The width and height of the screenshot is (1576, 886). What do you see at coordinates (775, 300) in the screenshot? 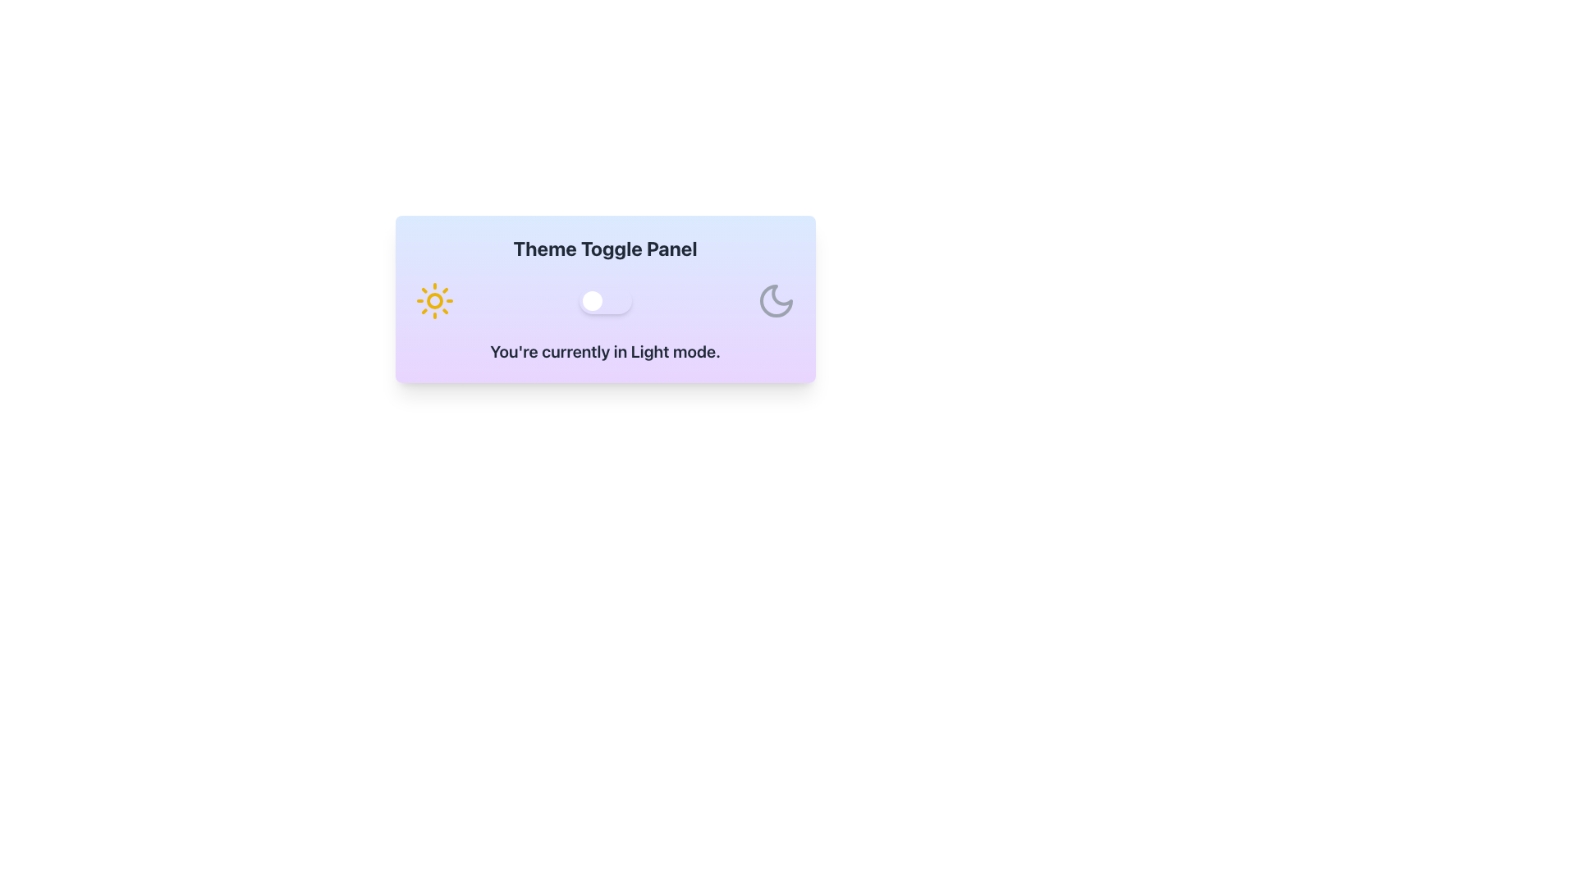
I see `the moon-shaped icon located at the far right of the theme toggle interface to associate it with the theme toggle functionality` at bounding box center [775, 300].